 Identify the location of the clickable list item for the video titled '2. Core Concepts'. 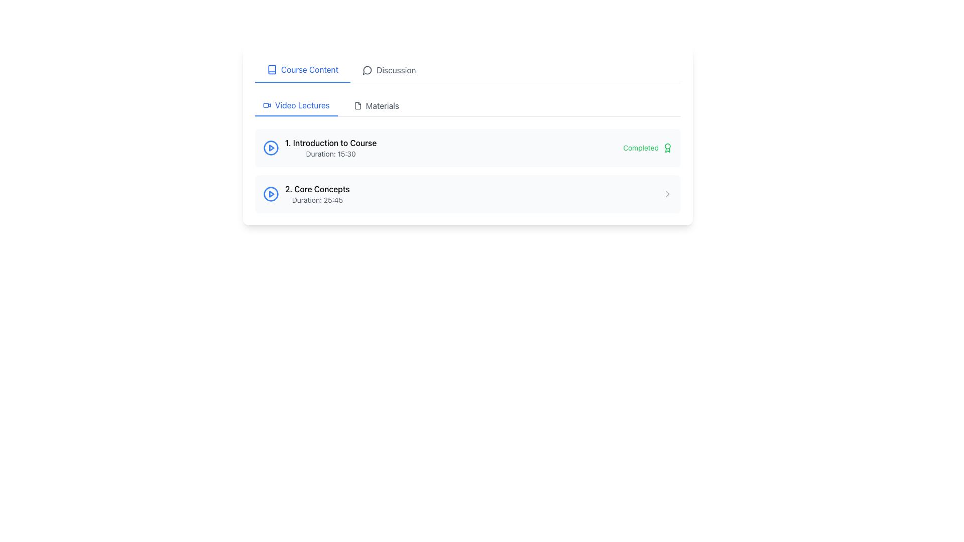
(306, 194).